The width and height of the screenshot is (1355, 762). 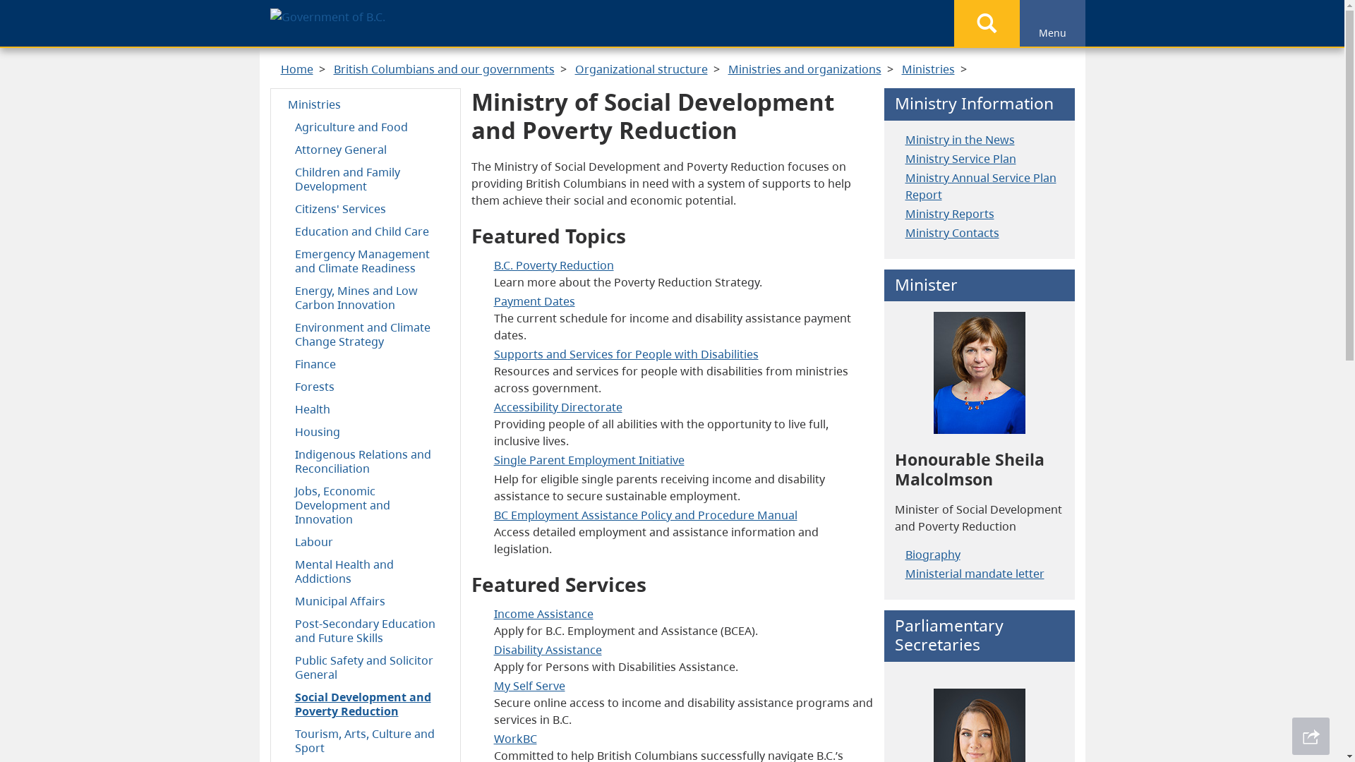 I want to click on 'My Self Serve', so click(x=529, y=684).